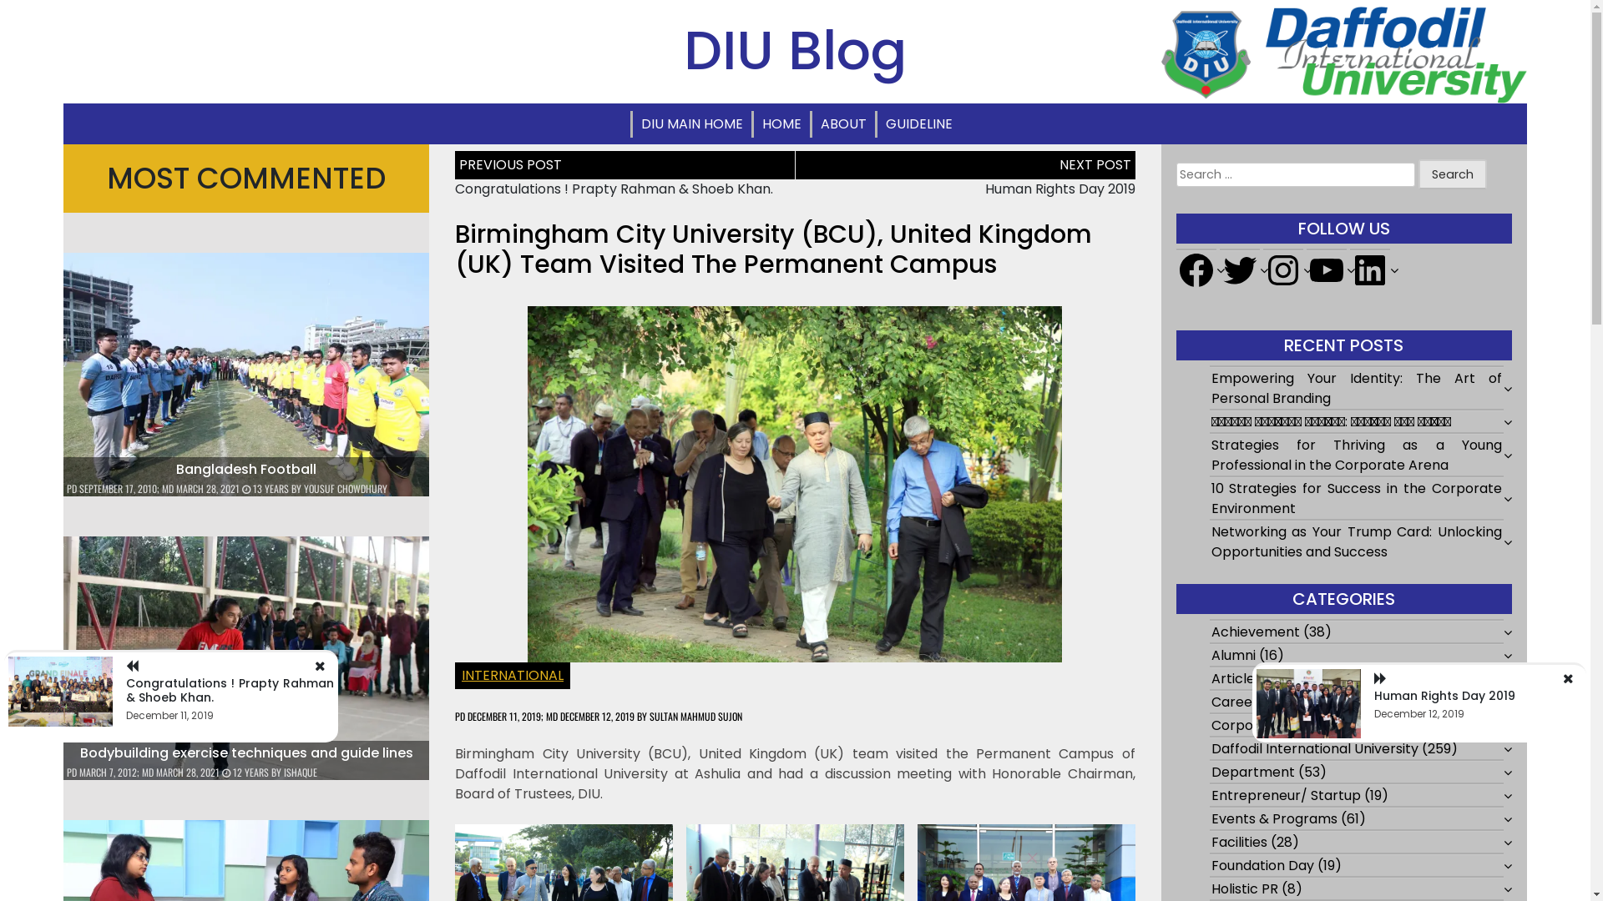 The height and width of the screenshot is (901, 1603). I want to click on 'Corporate', so click(1246, 724).